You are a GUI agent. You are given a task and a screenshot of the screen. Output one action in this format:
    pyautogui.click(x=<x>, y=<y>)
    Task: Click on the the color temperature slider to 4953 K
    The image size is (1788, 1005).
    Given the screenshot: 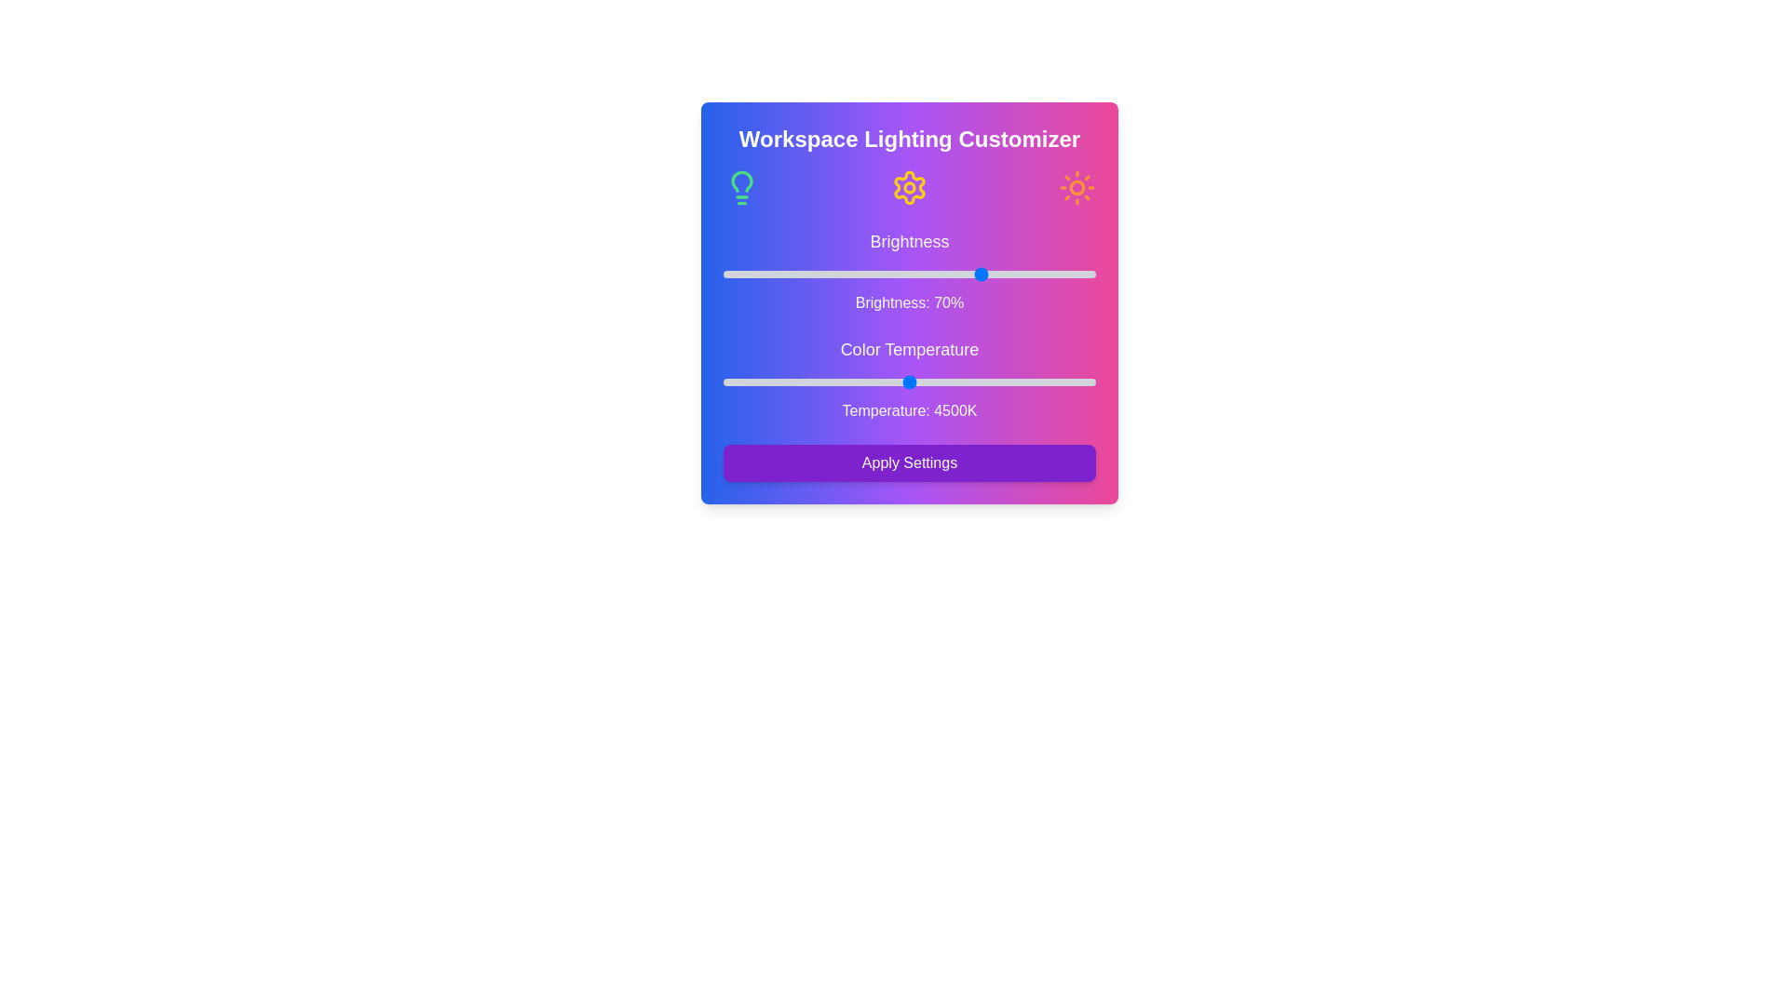 What is the action you would take?
    pyautogui.click(x=952, y=382)
    